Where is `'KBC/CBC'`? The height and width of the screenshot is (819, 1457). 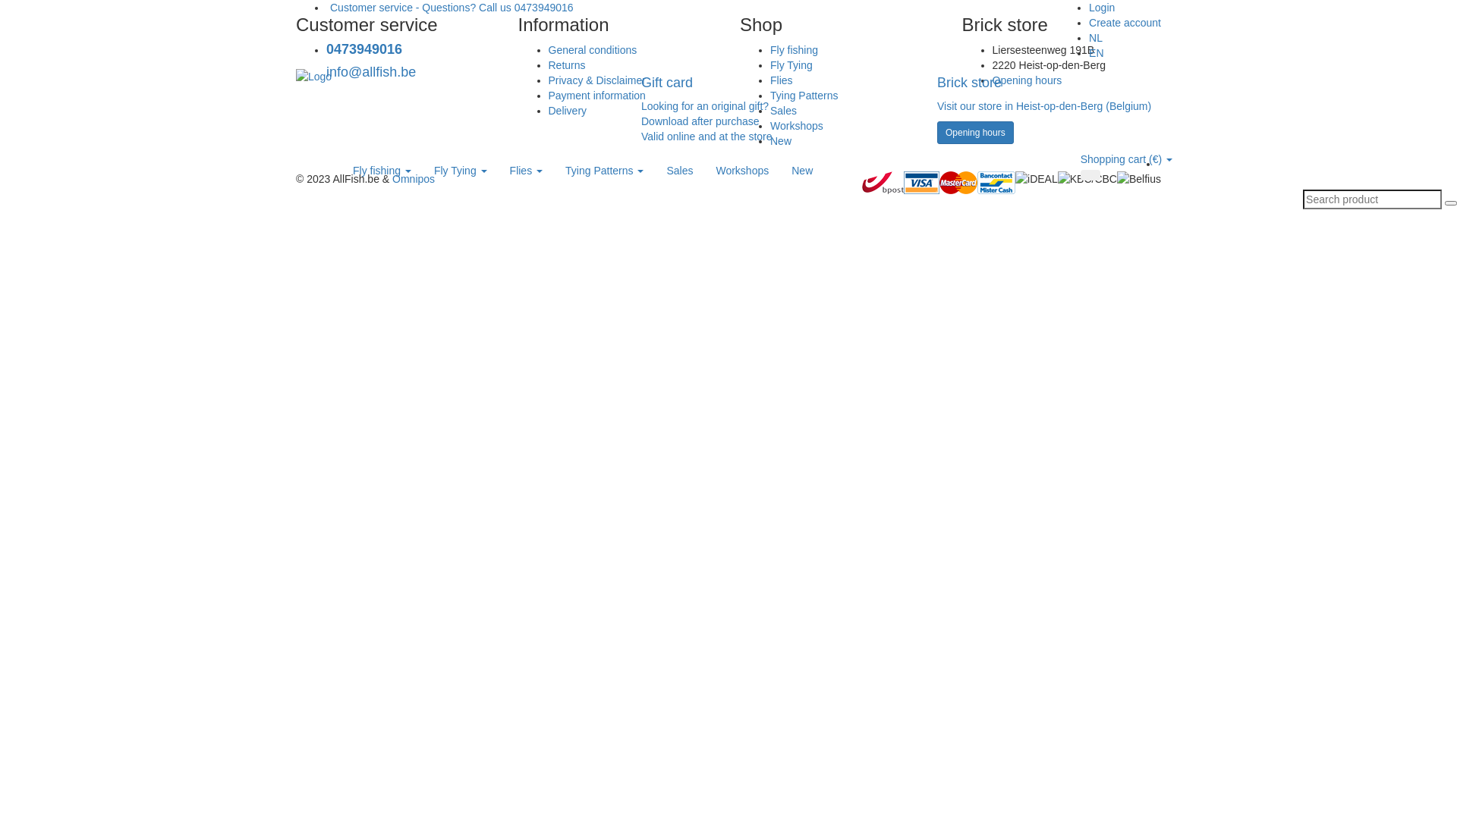
'KBC/CBC' is located at coordinates (1087, 177).